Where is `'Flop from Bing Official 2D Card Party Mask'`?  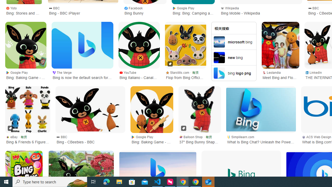 'Flop from Bing Official 2D Card Party Mask' is located at coordinates (185, 45).